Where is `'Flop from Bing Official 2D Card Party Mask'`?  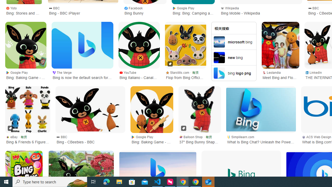 'Flop from Bing Official 2D Card Party Mask' is located at coordinates (185, 45).